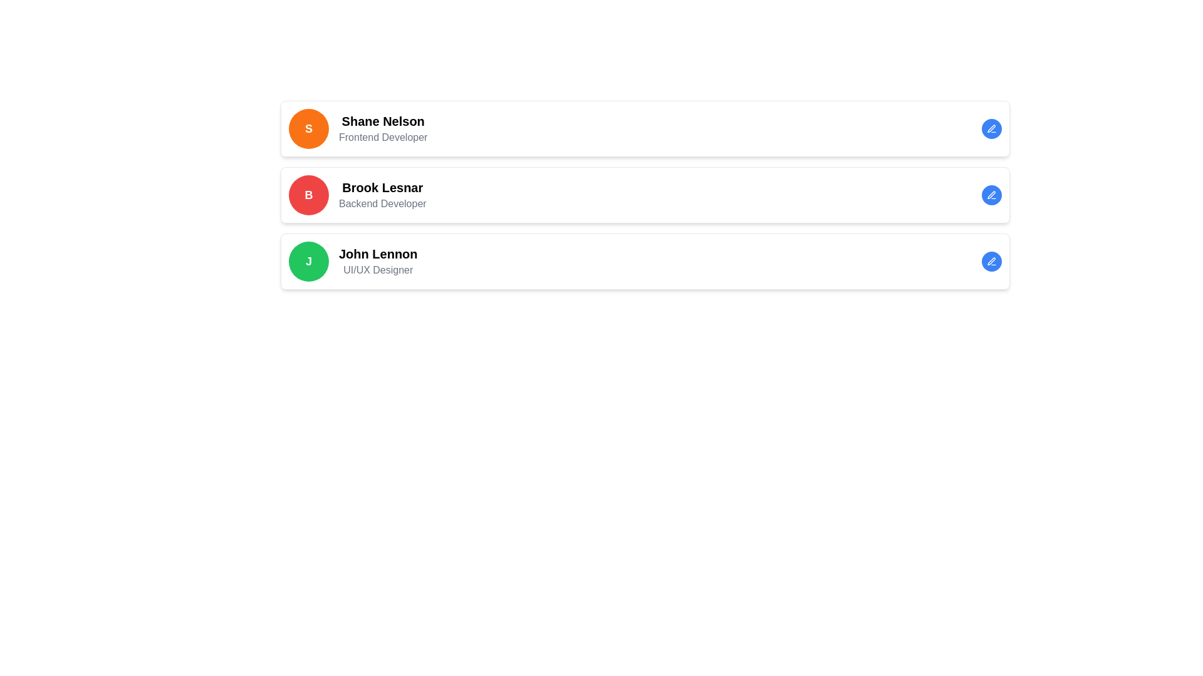  I want to click on the text block that displays the name and occupational title of the user in the third item of the user profile list, located to the right of a green circular icon with the letter 'J', so click(377, 260).